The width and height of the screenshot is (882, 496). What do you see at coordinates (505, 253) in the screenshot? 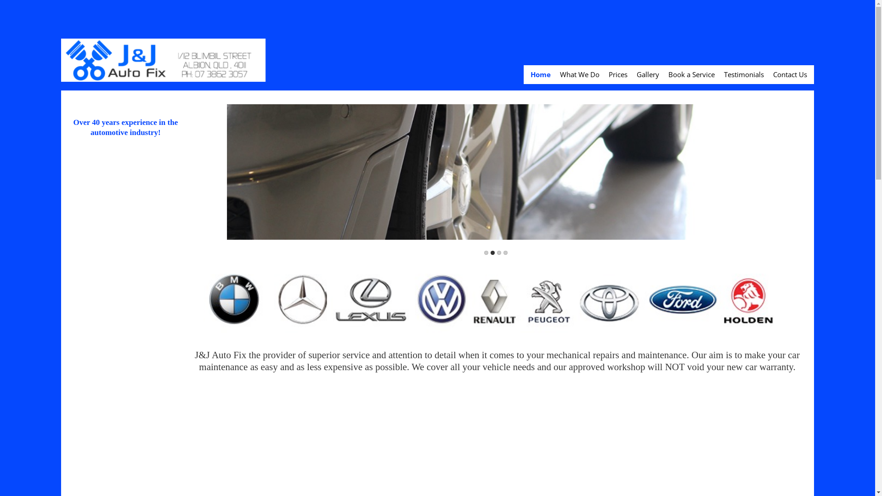
I see `'4'` at bounding box center [505, 253].